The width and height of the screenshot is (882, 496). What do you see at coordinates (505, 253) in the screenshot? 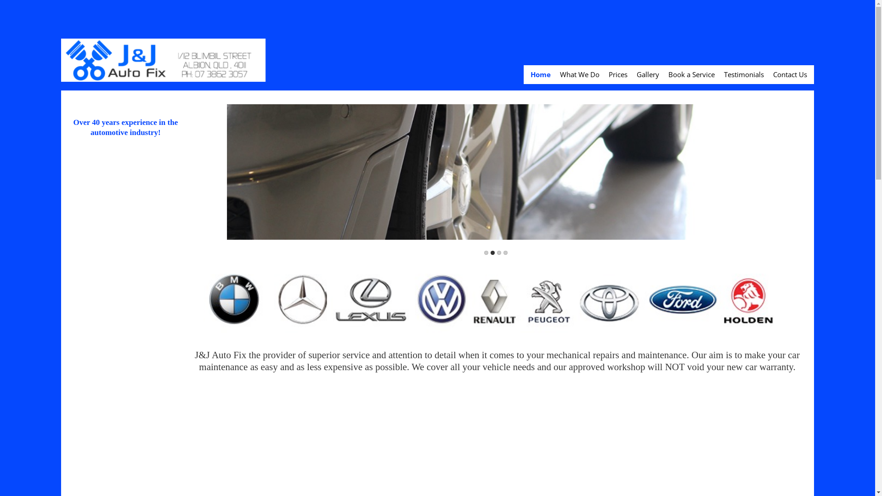
I see `'4'` at bounding box center [505, 253].